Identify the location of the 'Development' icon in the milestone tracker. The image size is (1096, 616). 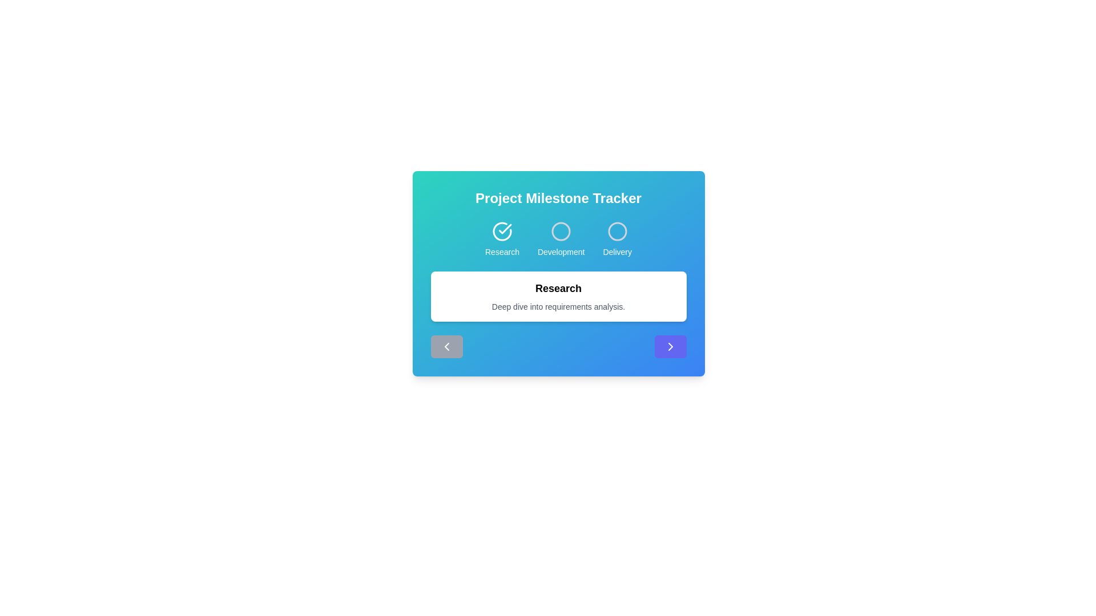
(558, 239).